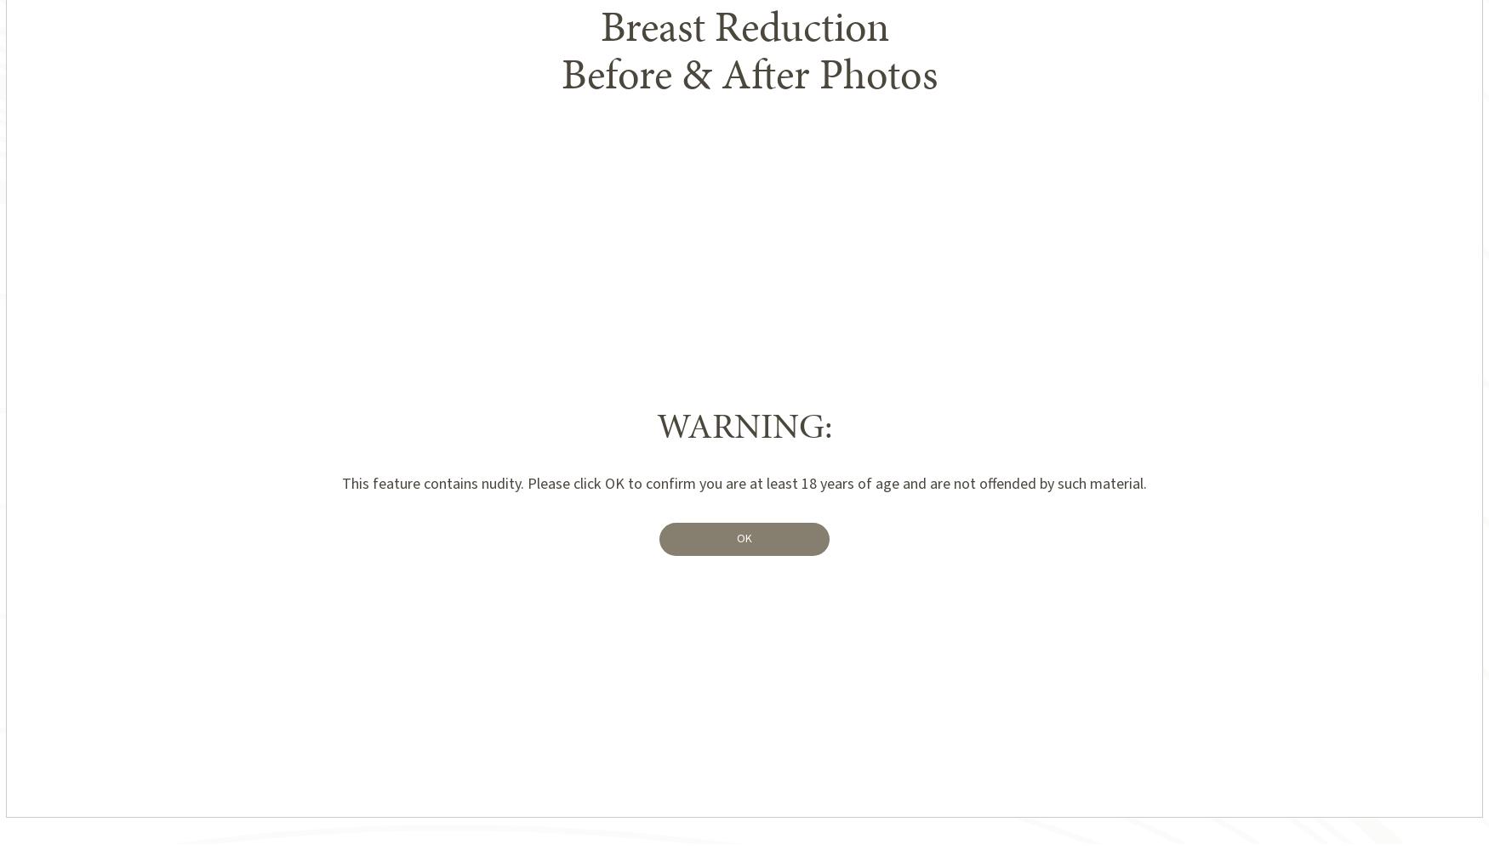 The image size is (1489, 856). What do you see at coordinates (300, 150) in the screenshot?
I see `'Featured Results'` at bounding box center [300, 150].